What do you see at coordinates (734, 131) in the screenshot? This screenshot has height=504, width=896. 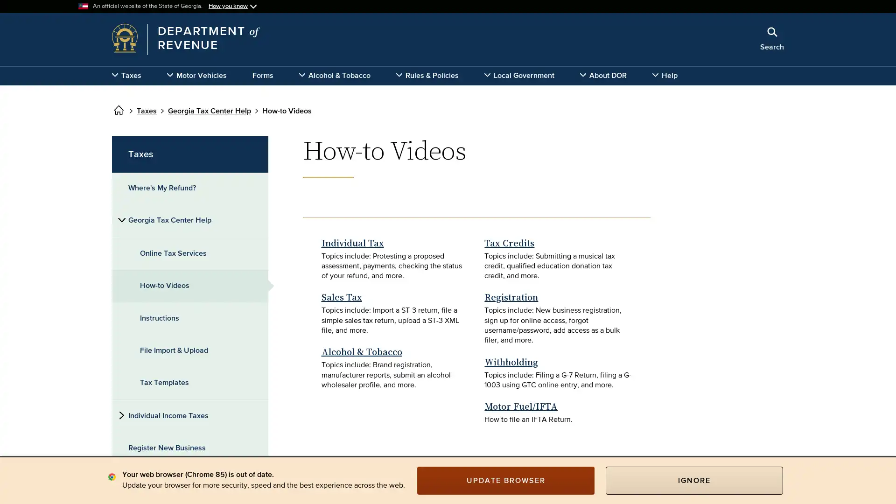 I see `Search` at bounding box center [734, 131].